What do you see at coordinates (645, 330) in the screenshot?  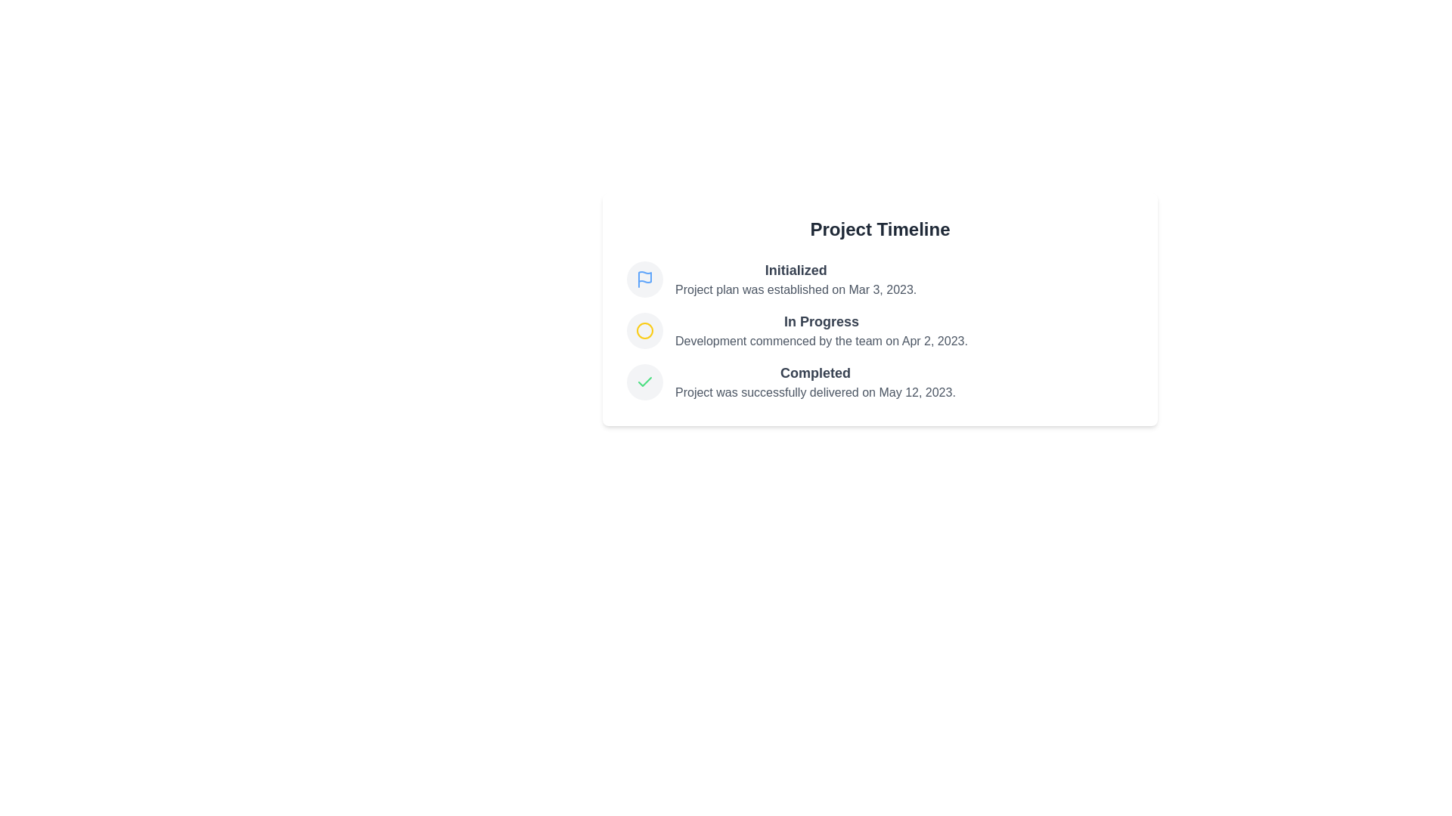 I see `the circular yellow-bordered progress icon located in the center-left area of the 'In Progress' section of the timeline` at bounding box center [645, 330].